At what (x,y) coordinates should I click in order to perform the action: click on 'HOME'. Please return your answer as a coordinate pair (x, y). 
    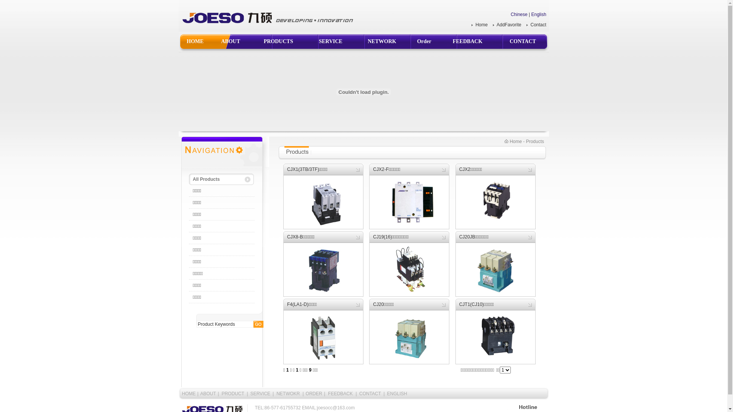
    Looking at the image, I should click on (195, 39).